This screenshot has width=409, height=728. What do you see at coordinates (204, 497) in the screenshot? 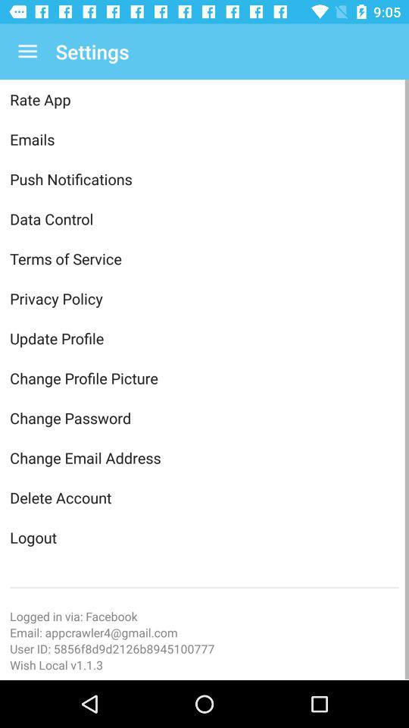
I see `delete account` at bounding box center [204, 497].